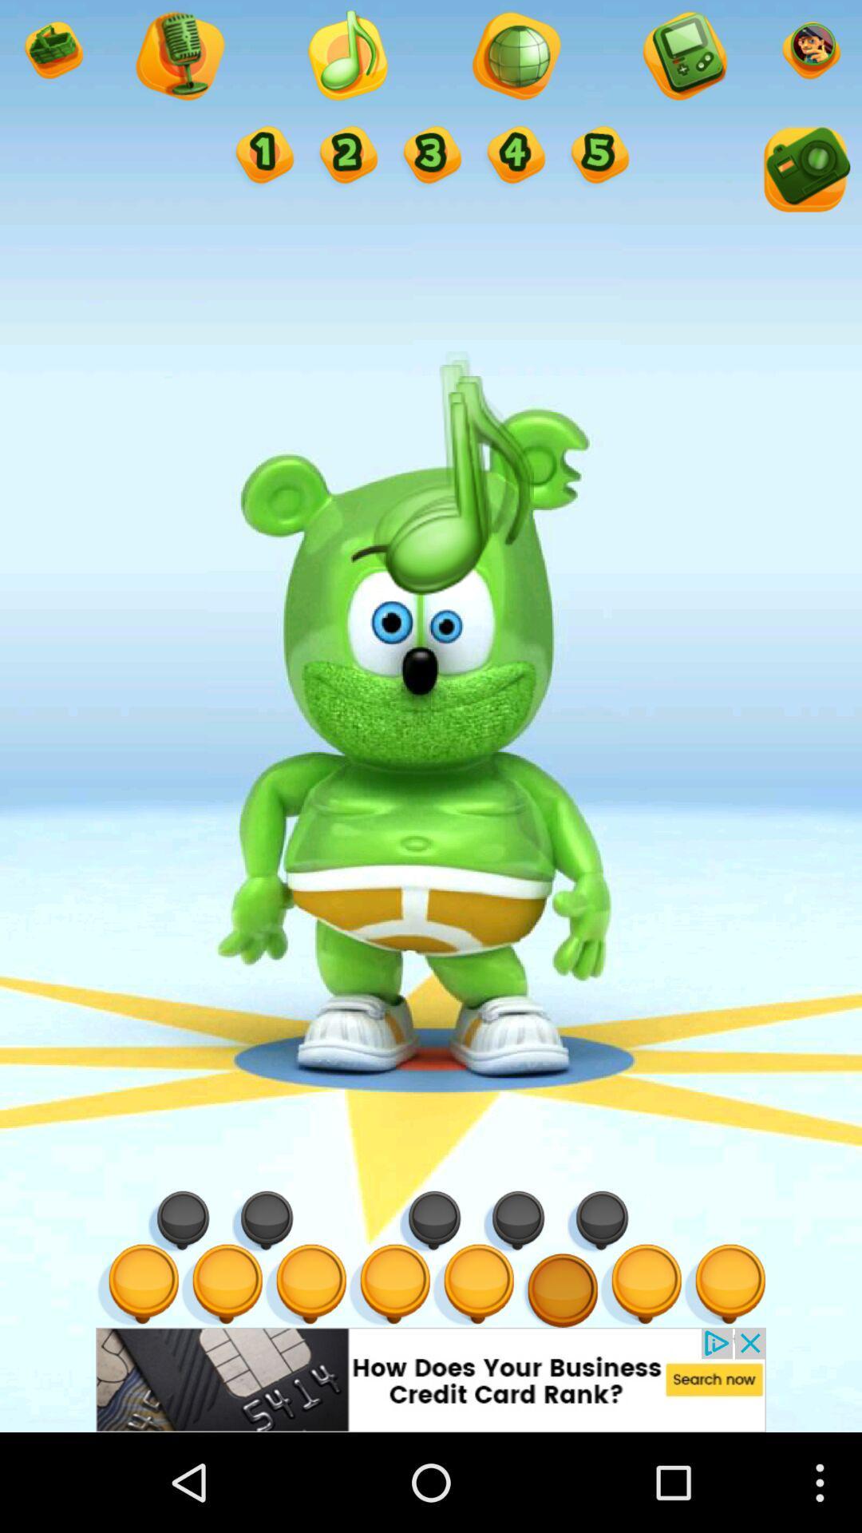  What do you see at coordinates (346, 61) in the screenshot?
I see `the music icon` at bounding box center [346, 61].